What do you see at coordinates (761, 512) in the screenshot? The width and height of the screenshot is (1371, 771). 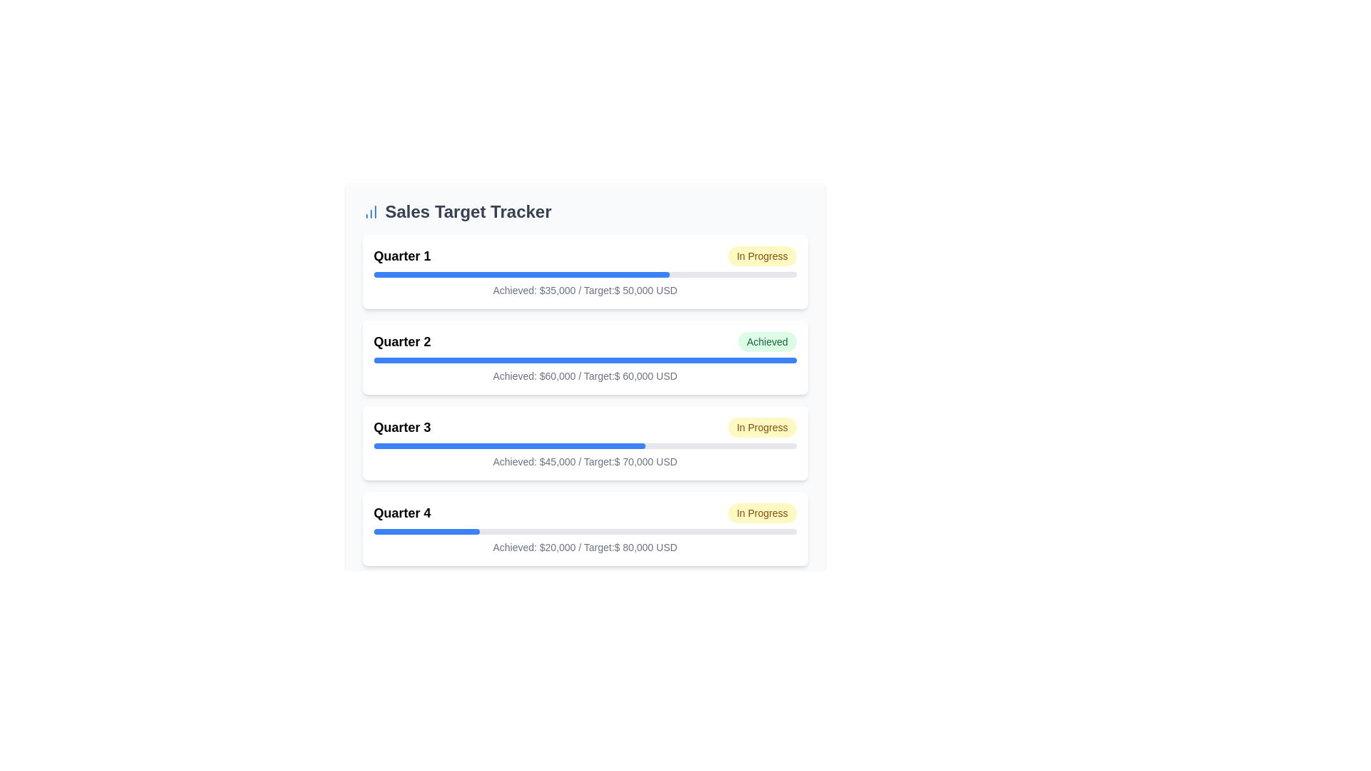 I see `the Status label displaying 'In Progress' with a yellow background and brown text, located to the right of the 'Quarter 4' title in the bottom right section of the UI` at bounding box center [761, 512].